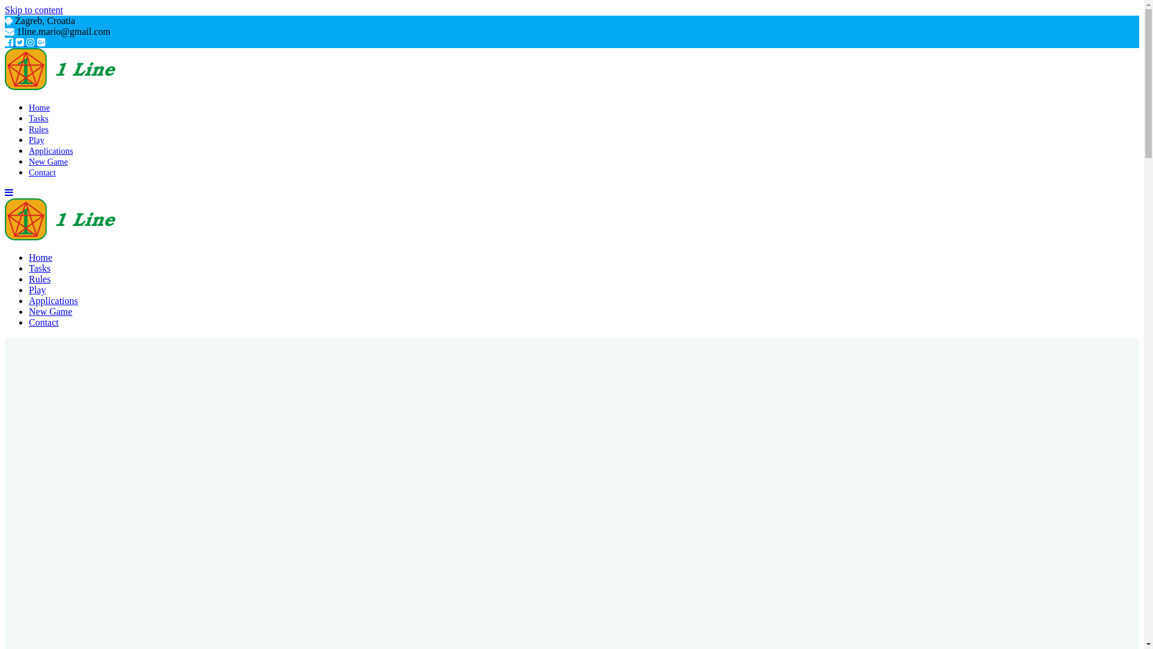  What do you see at coordinates (48, 161) in the screenshot?
I see `'New Game'` at bounding box center [48, 161].